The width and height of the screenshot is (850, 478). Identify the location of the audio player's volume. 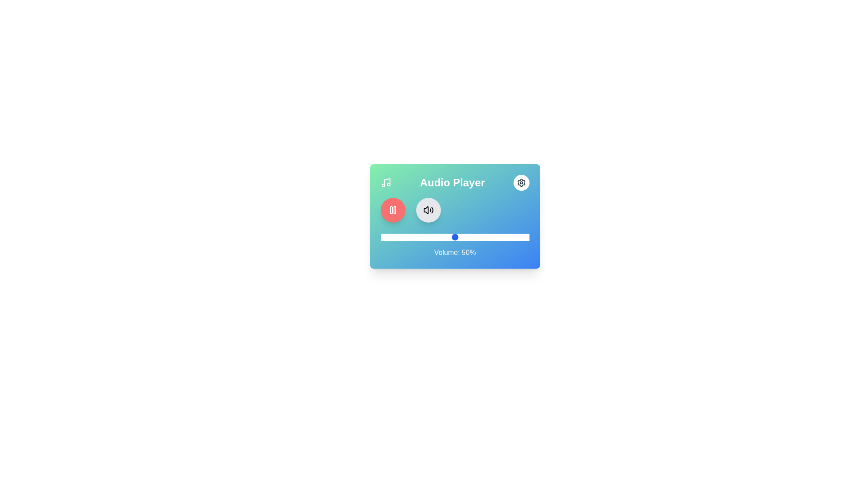
(498, 237).